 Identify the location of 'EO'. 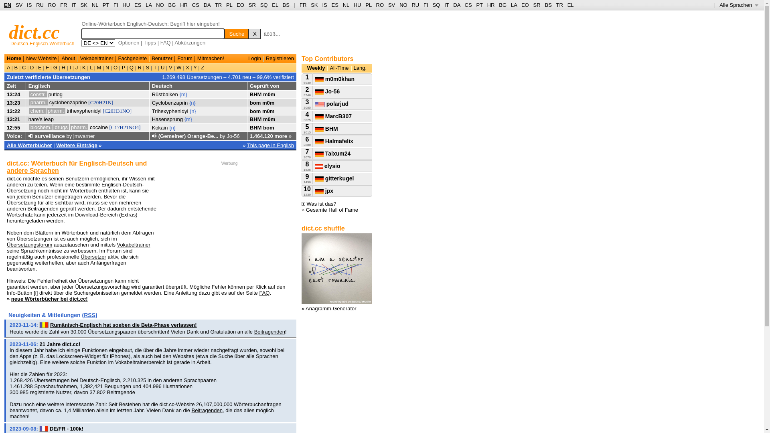
(240, 5).